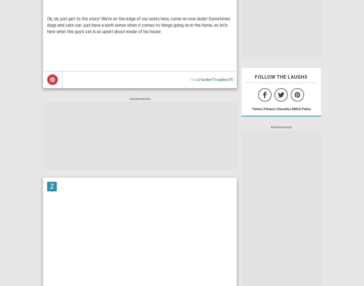 The height and width of the screenshot is (286, 364). I want to click on 'Terms', so click(256, 108).